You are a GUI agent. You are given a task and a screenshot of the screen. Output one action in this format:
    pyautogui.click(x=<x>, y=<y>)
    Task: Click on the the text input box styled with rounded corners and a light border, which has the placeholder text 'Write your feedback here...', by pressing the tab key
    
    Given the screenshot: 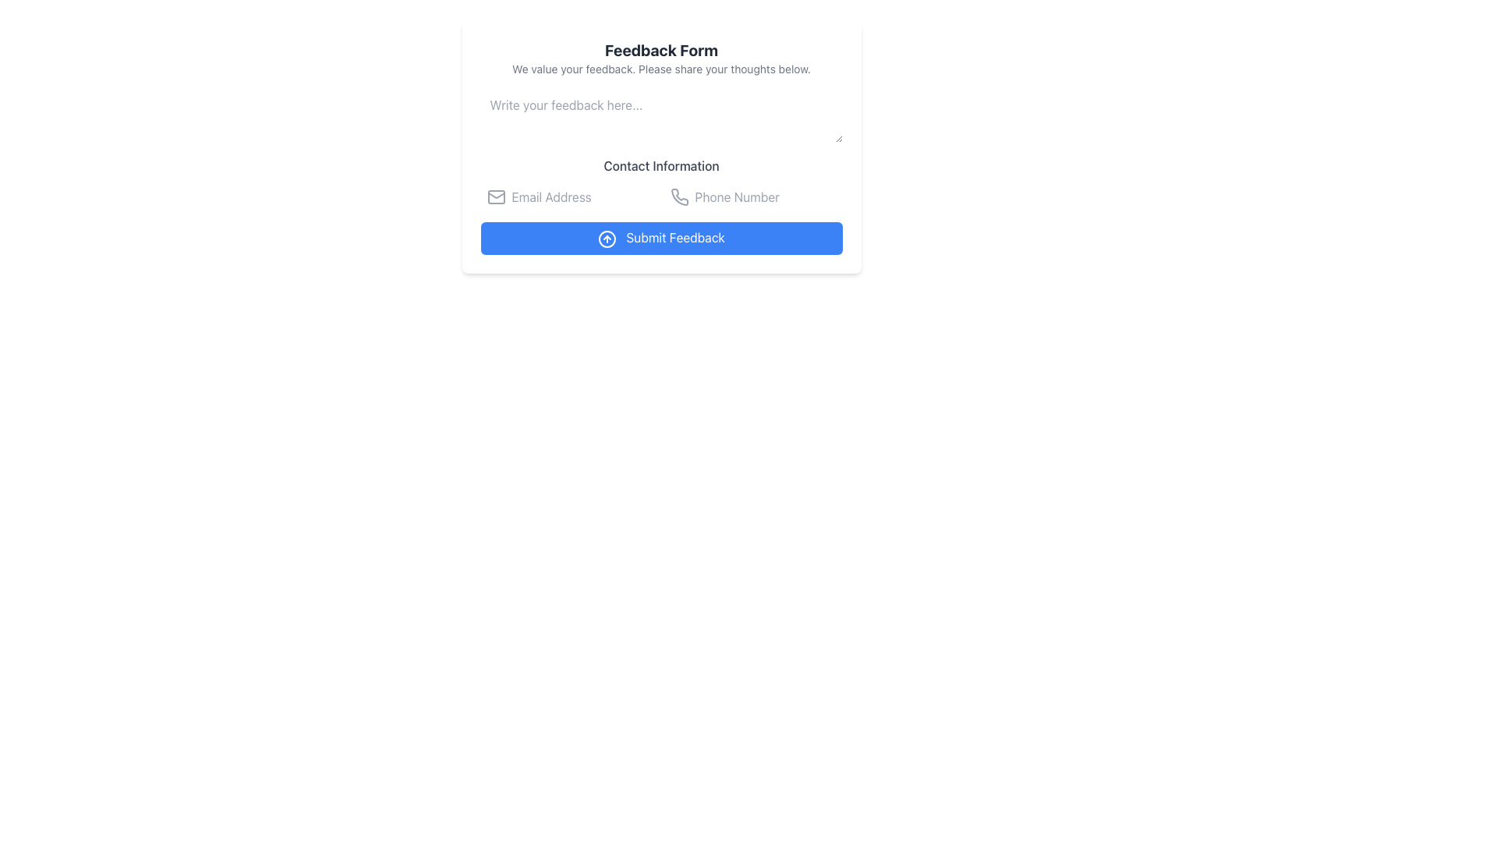 What is the action you would take?
    pyautogui.click(x=661, y=113)
    